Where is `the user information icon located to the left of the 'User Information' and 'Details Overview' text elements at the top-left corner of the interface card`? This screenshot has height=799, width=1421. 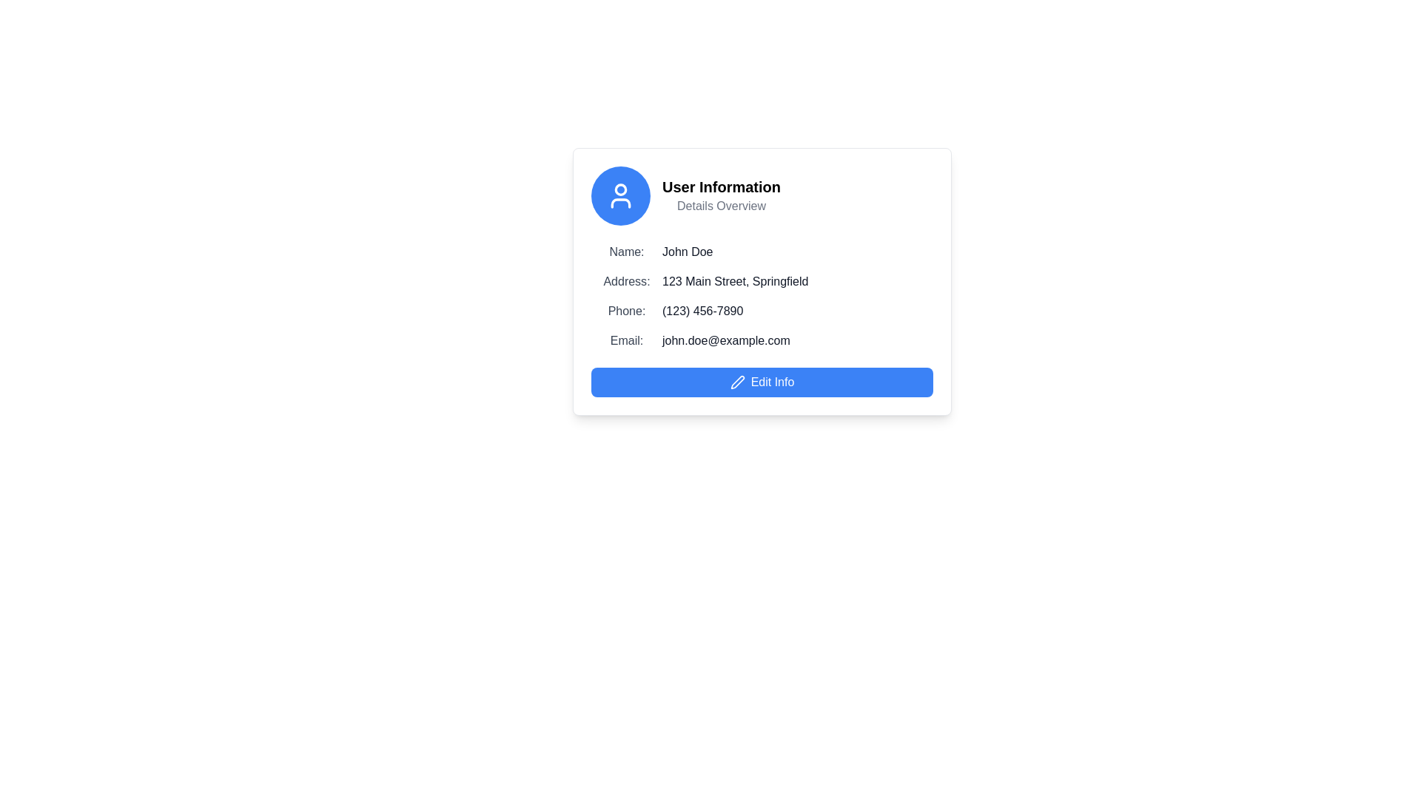 the user information icon located to the left of the 'User Information' and 'Details Overview' text elements at the top-left corner of the interface card is located at coordinates (621, 195).